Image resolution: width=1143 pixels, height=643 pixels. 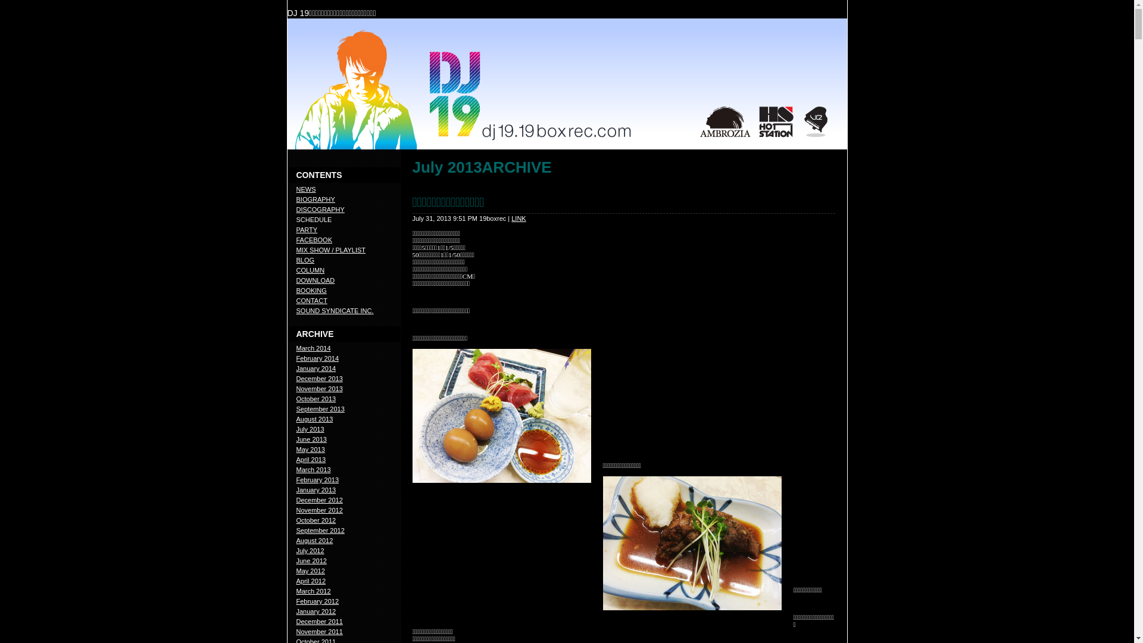 I want to click on 'January 2014', so click(x=316, y=367).